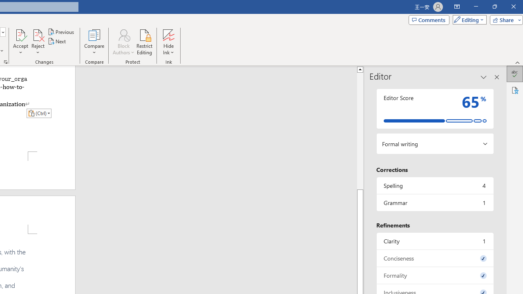 This screenshot has width=523, height=294. What do you see at coordinates (61, 31) in the screenshot?
I see `'Previous'` at bounding box center [61, 31].